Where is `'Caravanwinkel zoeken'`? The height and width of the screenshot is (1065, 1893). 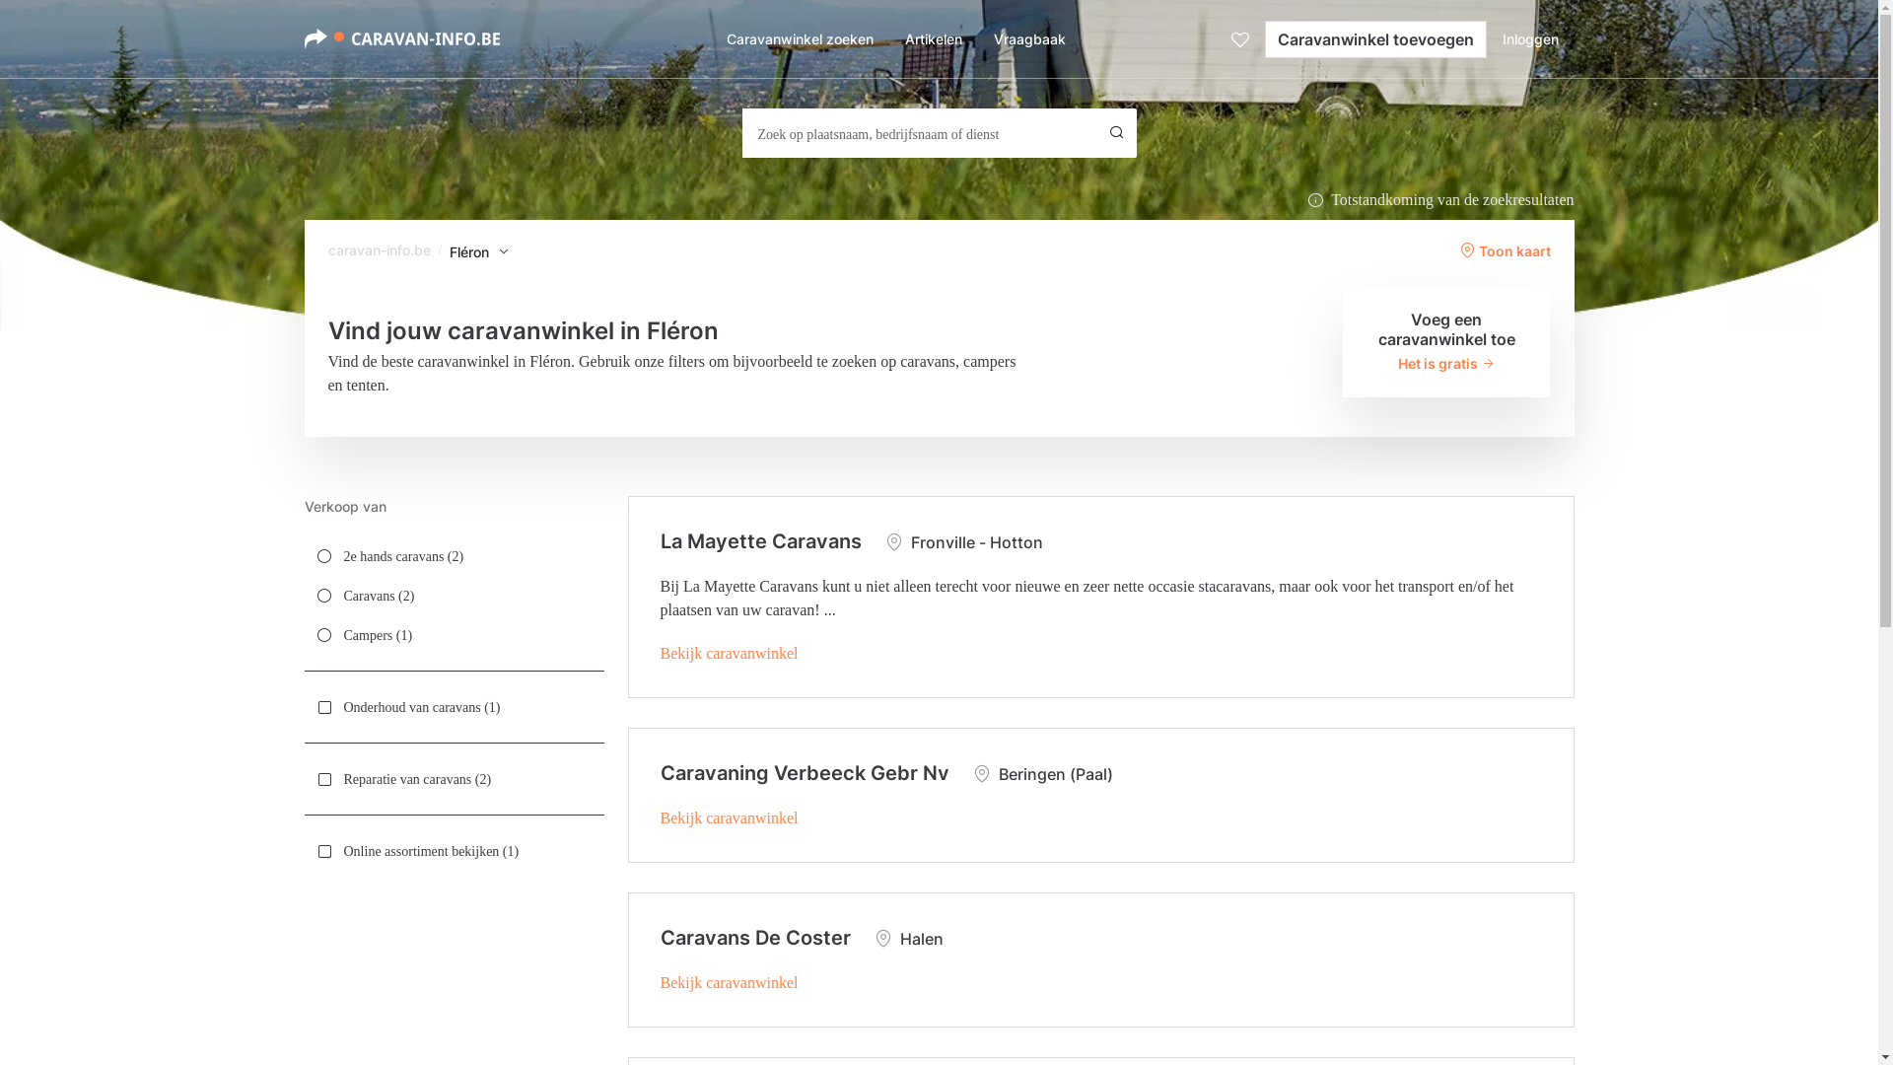 'Caravanwinkel zoeken' is located at coordinates (799, 38).